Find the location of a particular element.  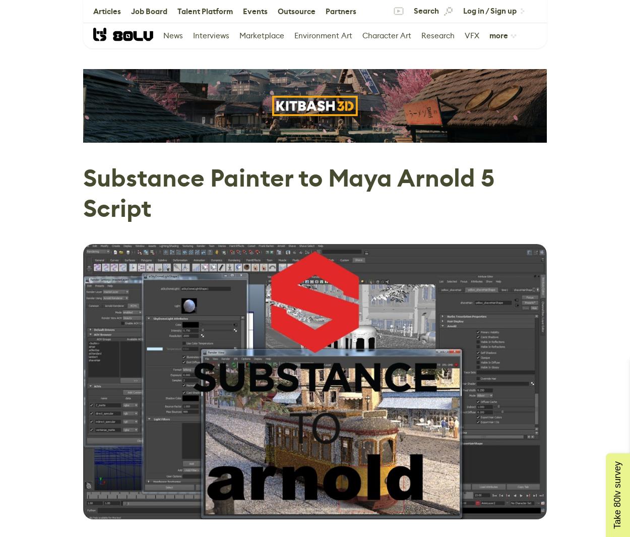

'Outsource' is located at coordinates (296, 11).